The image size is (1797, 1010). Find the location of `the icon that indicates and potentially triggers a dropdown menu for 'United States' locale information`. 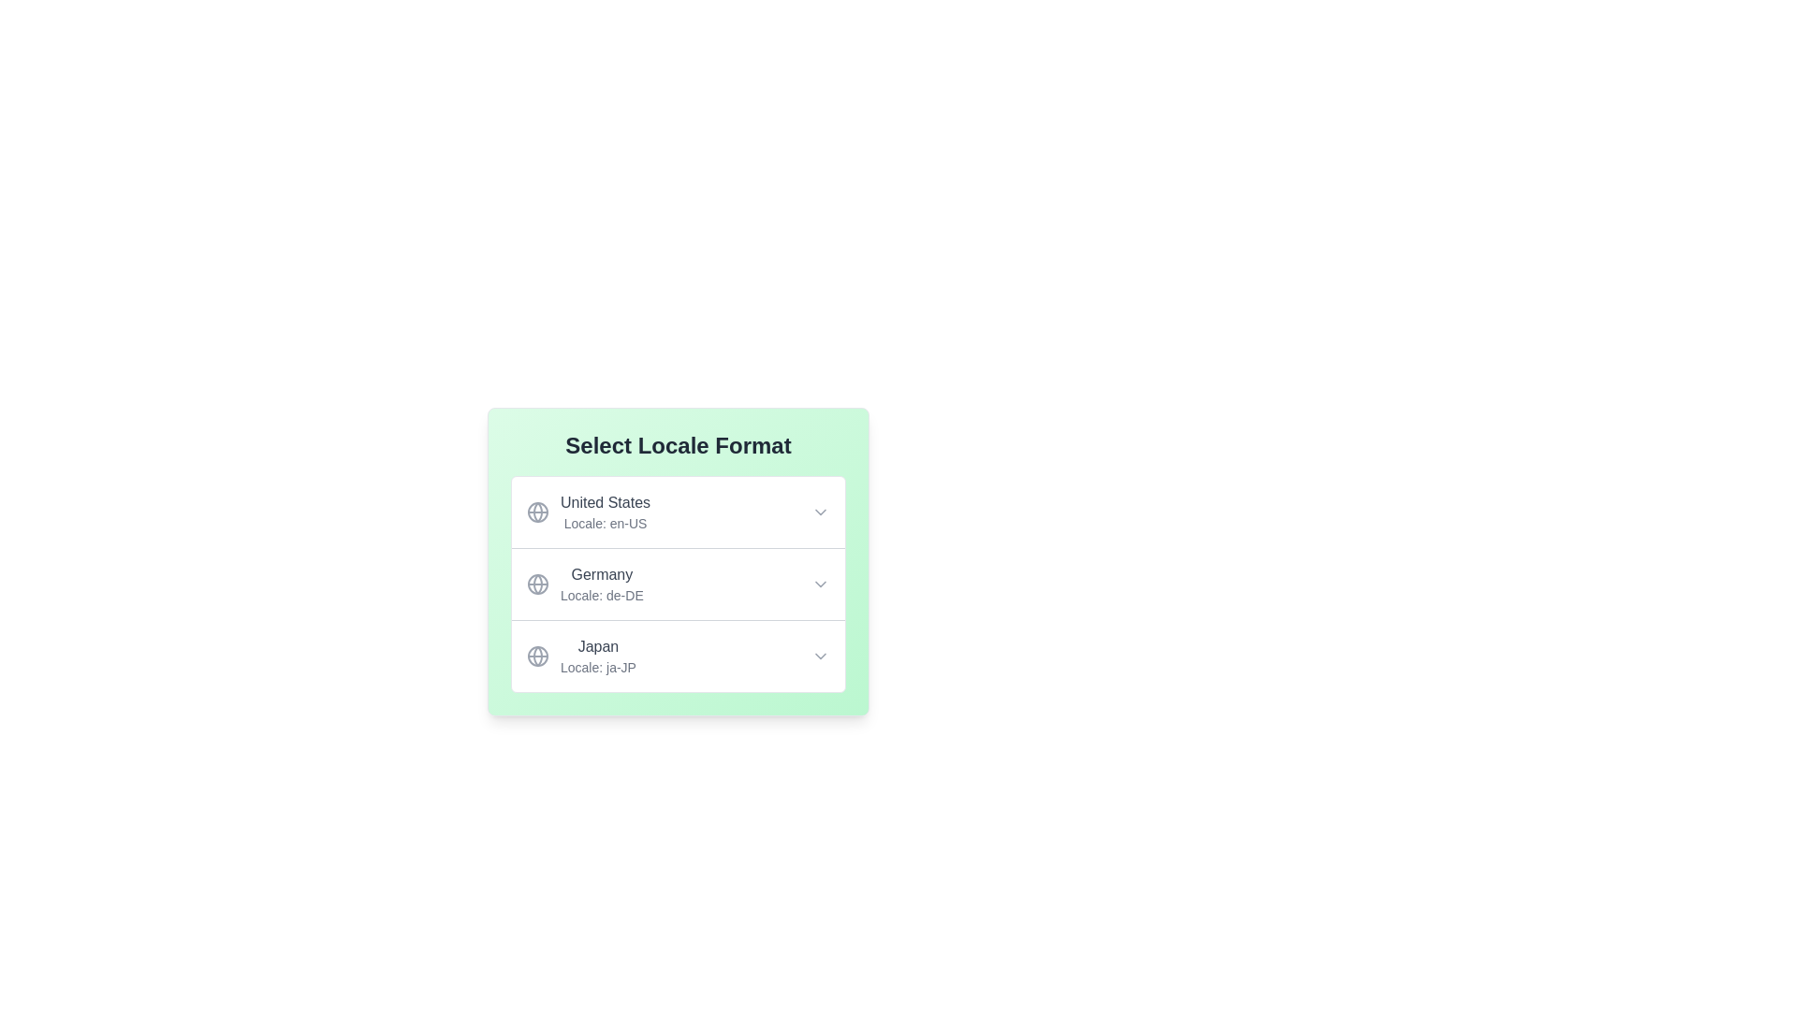

the icon that indicates and potentially triggers a dropdown menu for 'United States' locale information is located at coordinates (821, 512).